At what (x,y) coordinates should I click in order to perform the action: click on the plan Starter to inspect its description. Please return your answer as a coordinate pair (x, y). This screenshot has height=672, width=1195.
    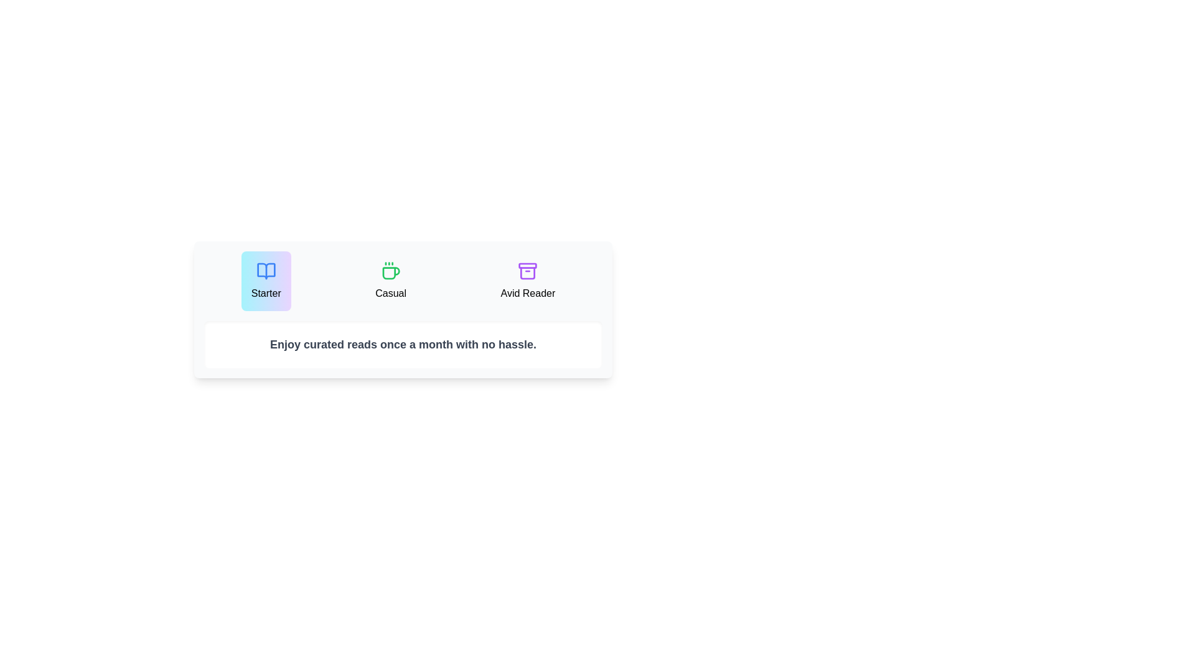
    Looking at the image, I should click on (265, 281).